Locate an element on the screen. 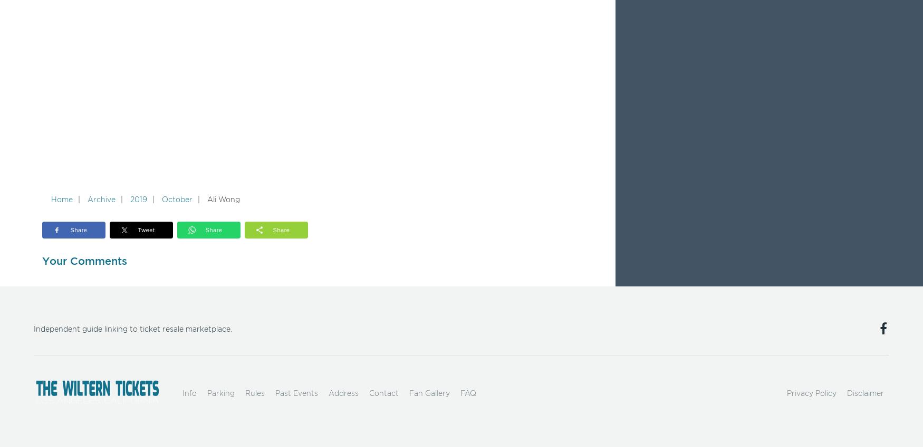 The width and height of the screenshot is (923, 447). 'Privacy Policy' is located at coordinates (811, 393).